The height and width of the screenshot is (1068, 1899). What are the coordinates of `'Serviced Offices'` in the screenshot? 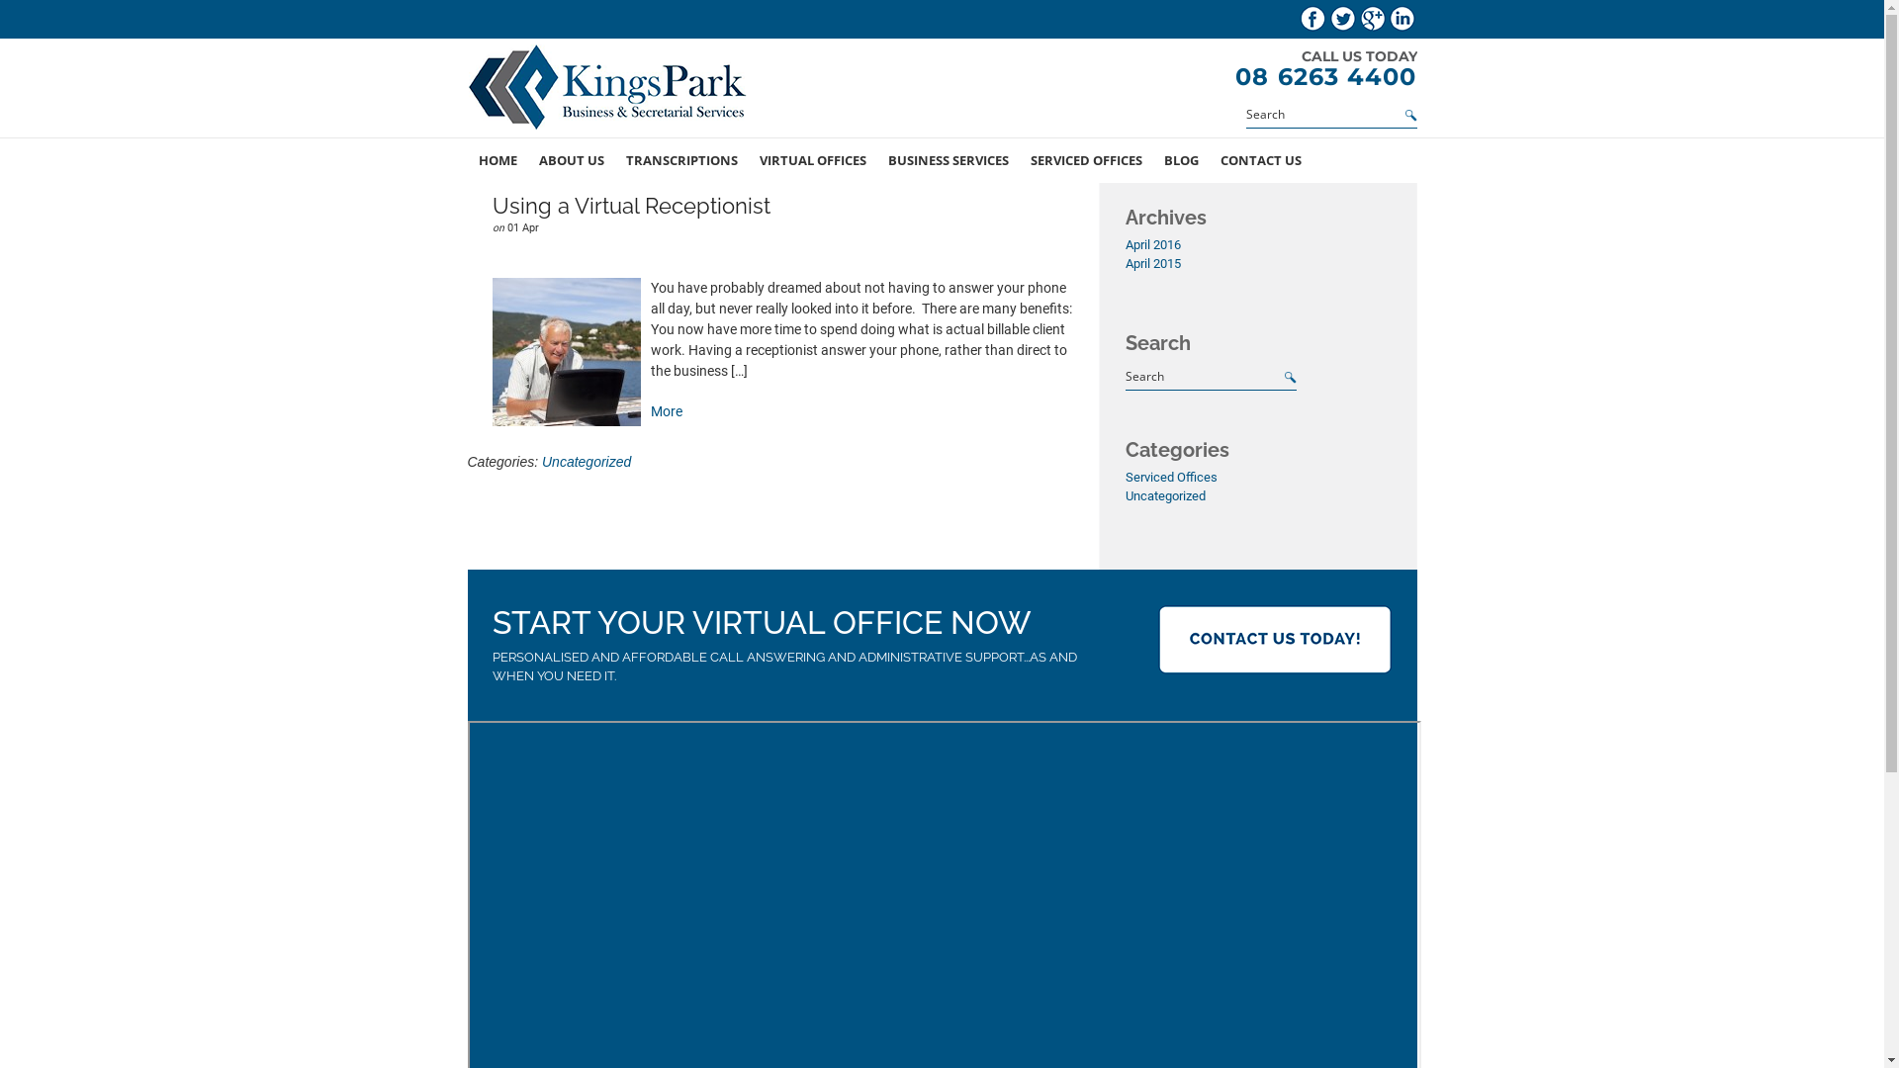 It's located at (1171, 477).